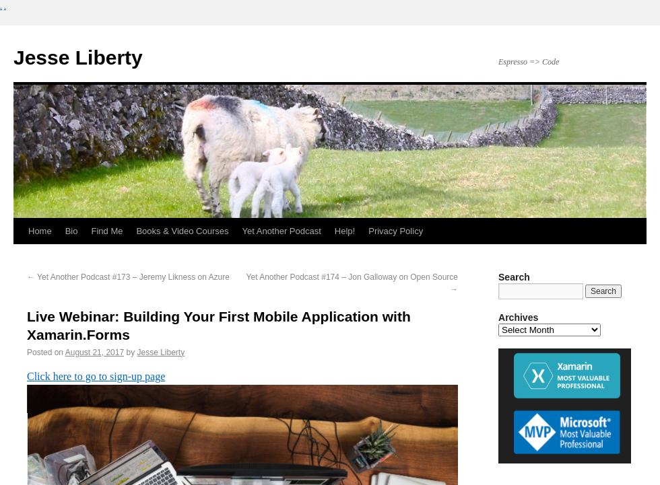 This screenshot has width=660, height=485. What do you see at coordinates (132, 276) in the screenshot?
I see `'Yet Another Podcast #173 – Jeremy Likness on Azure'` at bounding box center [132, 276].